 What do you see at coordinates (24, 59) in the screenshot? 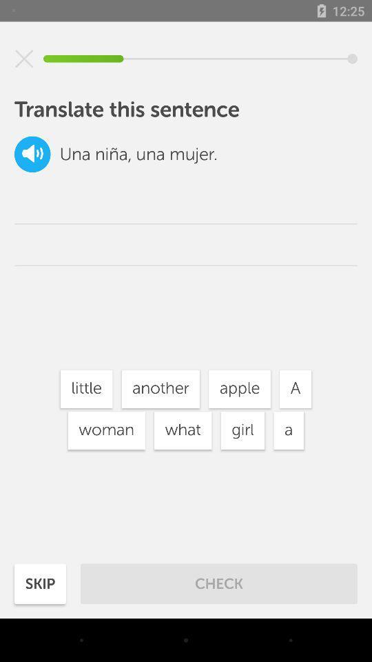
I see `icon above translate this sentence icon` at bounding box center [24, 59].